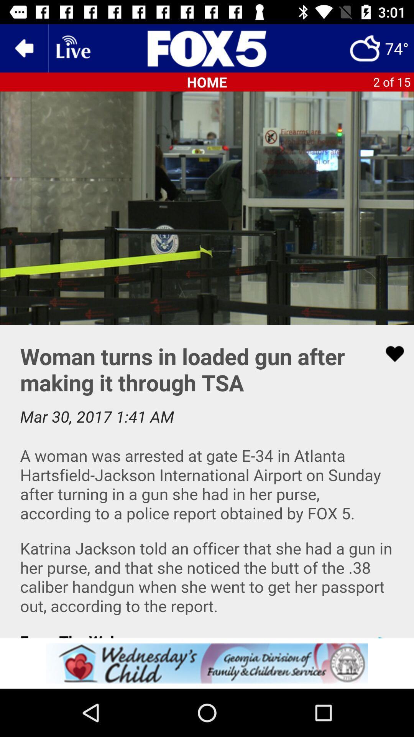 This screenshot has height=737, width=414. What do you see at coordinates (207, 481) in the screenshot?
I see `press heart icon` at bounding box center [207, 481].